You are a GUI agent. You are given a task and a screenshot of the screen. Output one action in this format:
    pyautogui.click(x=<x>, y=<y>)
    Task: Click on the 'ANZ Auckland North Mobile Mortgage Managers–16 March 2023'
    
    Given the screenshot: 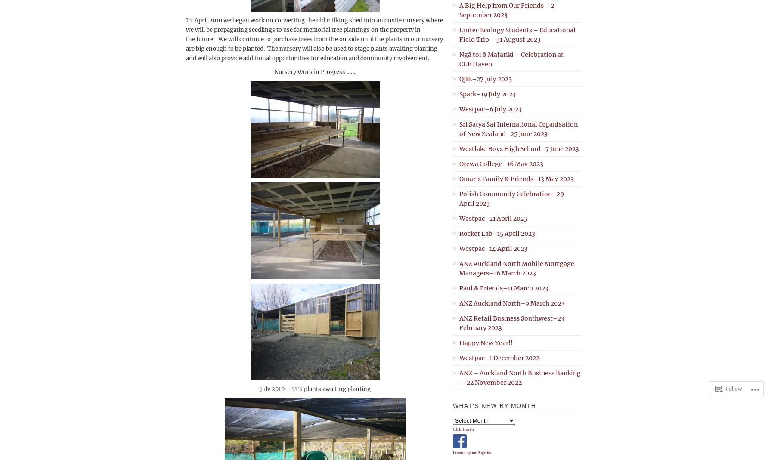 What is the action you would take?
    pyautogui.click(x=517, y=268)
    